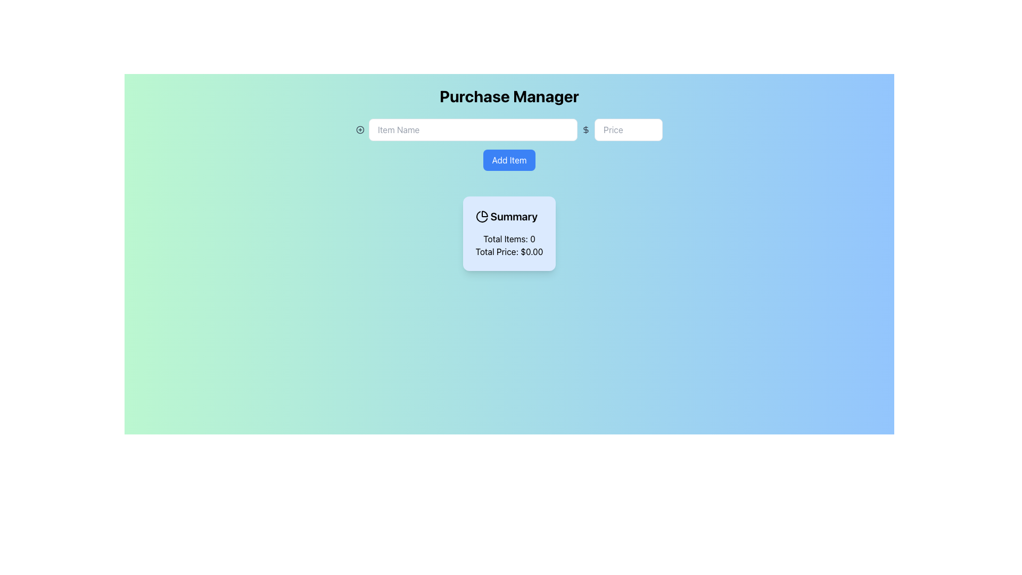  Describe the element at coordinates (360, 129) in the screenshot. I see `the circular-plus icon element that visually represents the functionality of adding an item, located to the left of the 'Item Name' input field` at that location.